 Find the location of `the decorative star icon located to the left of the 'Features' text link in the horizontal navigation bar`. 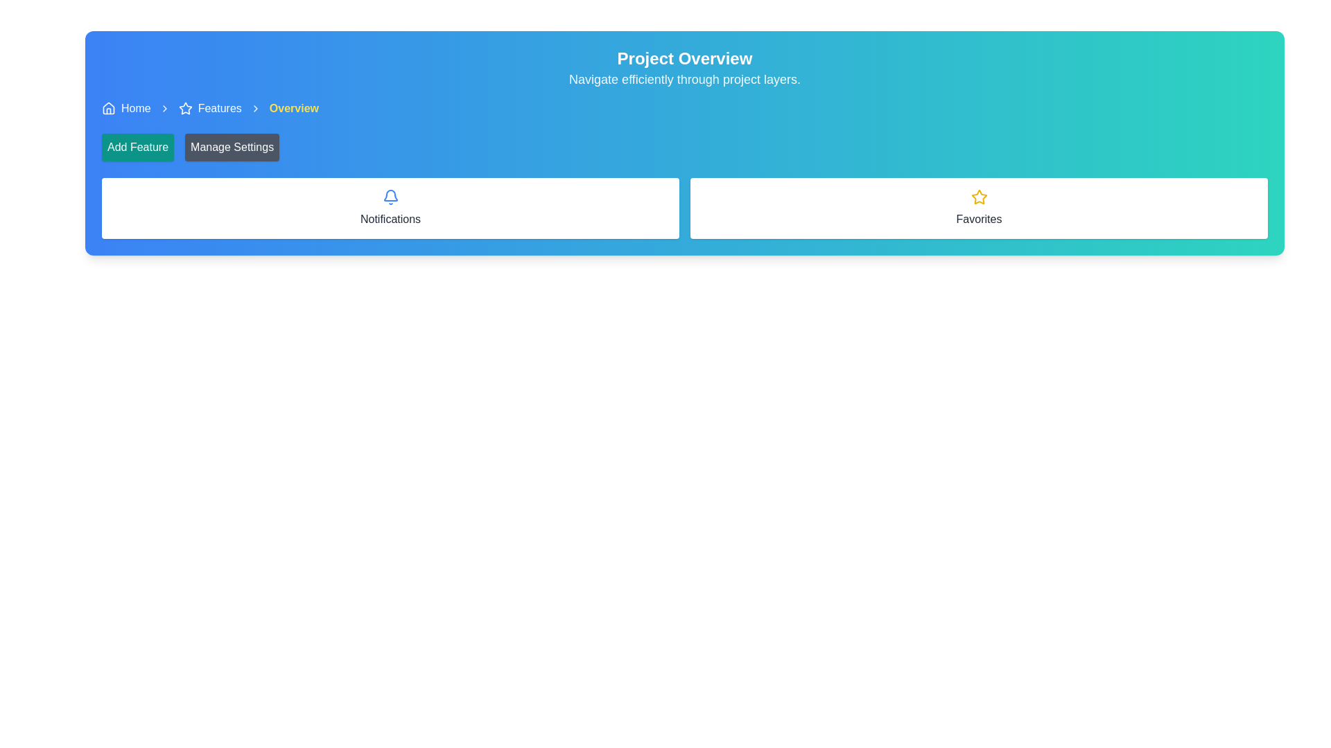

the decorative star icon located to the left of the 'Features' text link in the horizontal navigation bar is located at coordinates (184, 108).